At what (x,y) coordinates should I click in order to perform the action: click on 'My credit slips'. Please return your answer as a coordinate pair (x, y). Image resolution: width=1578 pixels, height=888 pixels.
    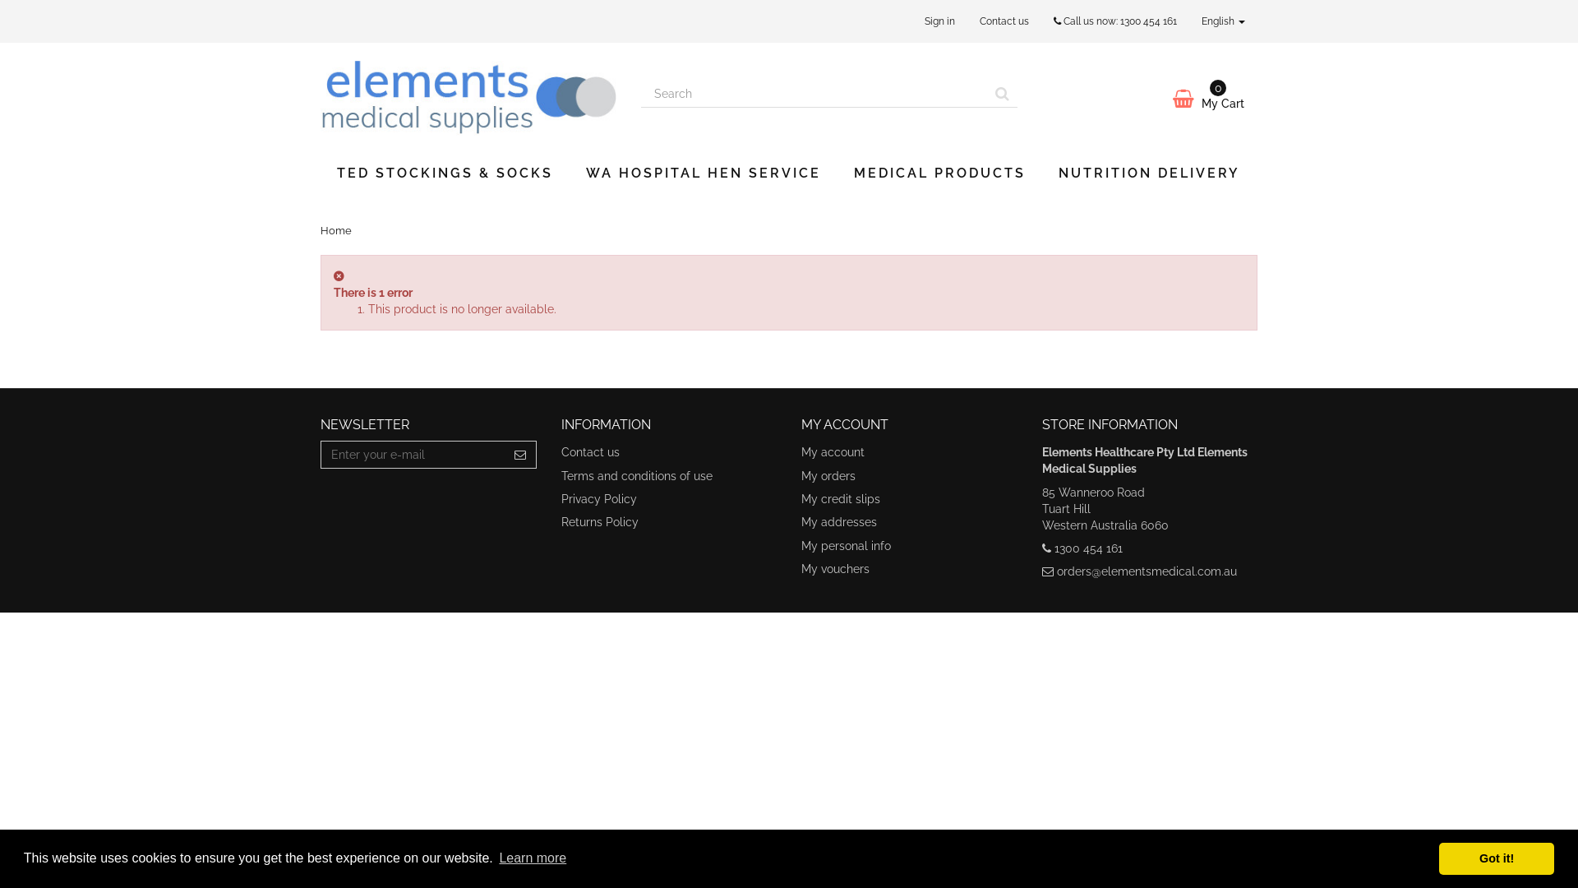
    Looking at the image, I should click on (840, 497).